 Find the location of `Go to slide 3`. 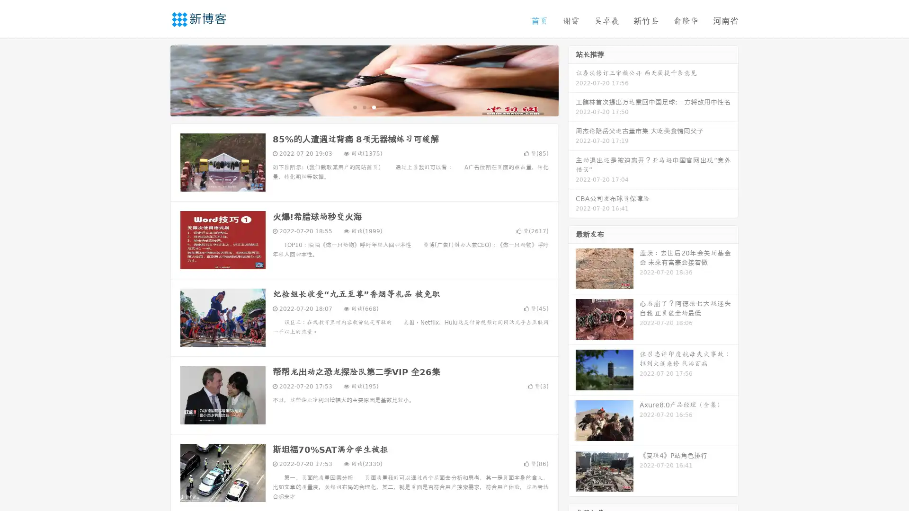

Go to slide 3 is located at coordinates (374, 106).